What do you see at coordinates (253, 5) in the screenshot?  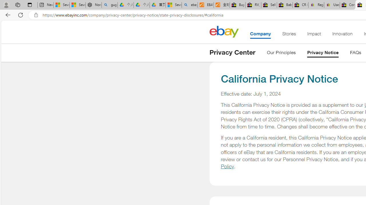 I see `'RV, Trailer & Camper Steps & Ladders for sale | eBay'` at bounding box center [253, 5].